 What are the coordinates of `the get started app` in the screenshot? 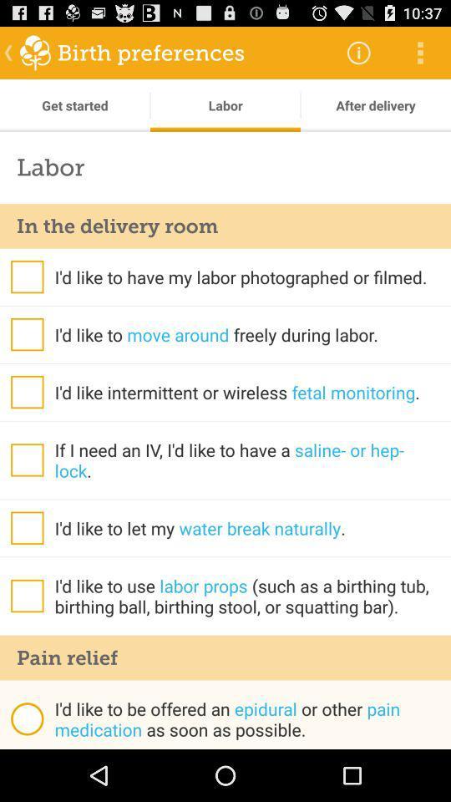 It's located at (74, 104).